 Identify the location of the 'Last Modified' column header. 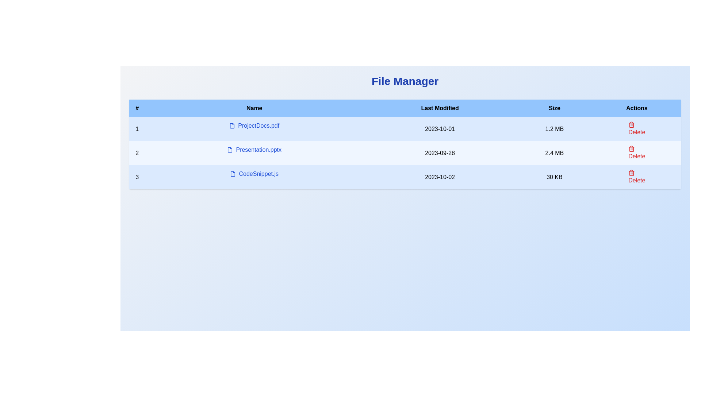
(440, 108).